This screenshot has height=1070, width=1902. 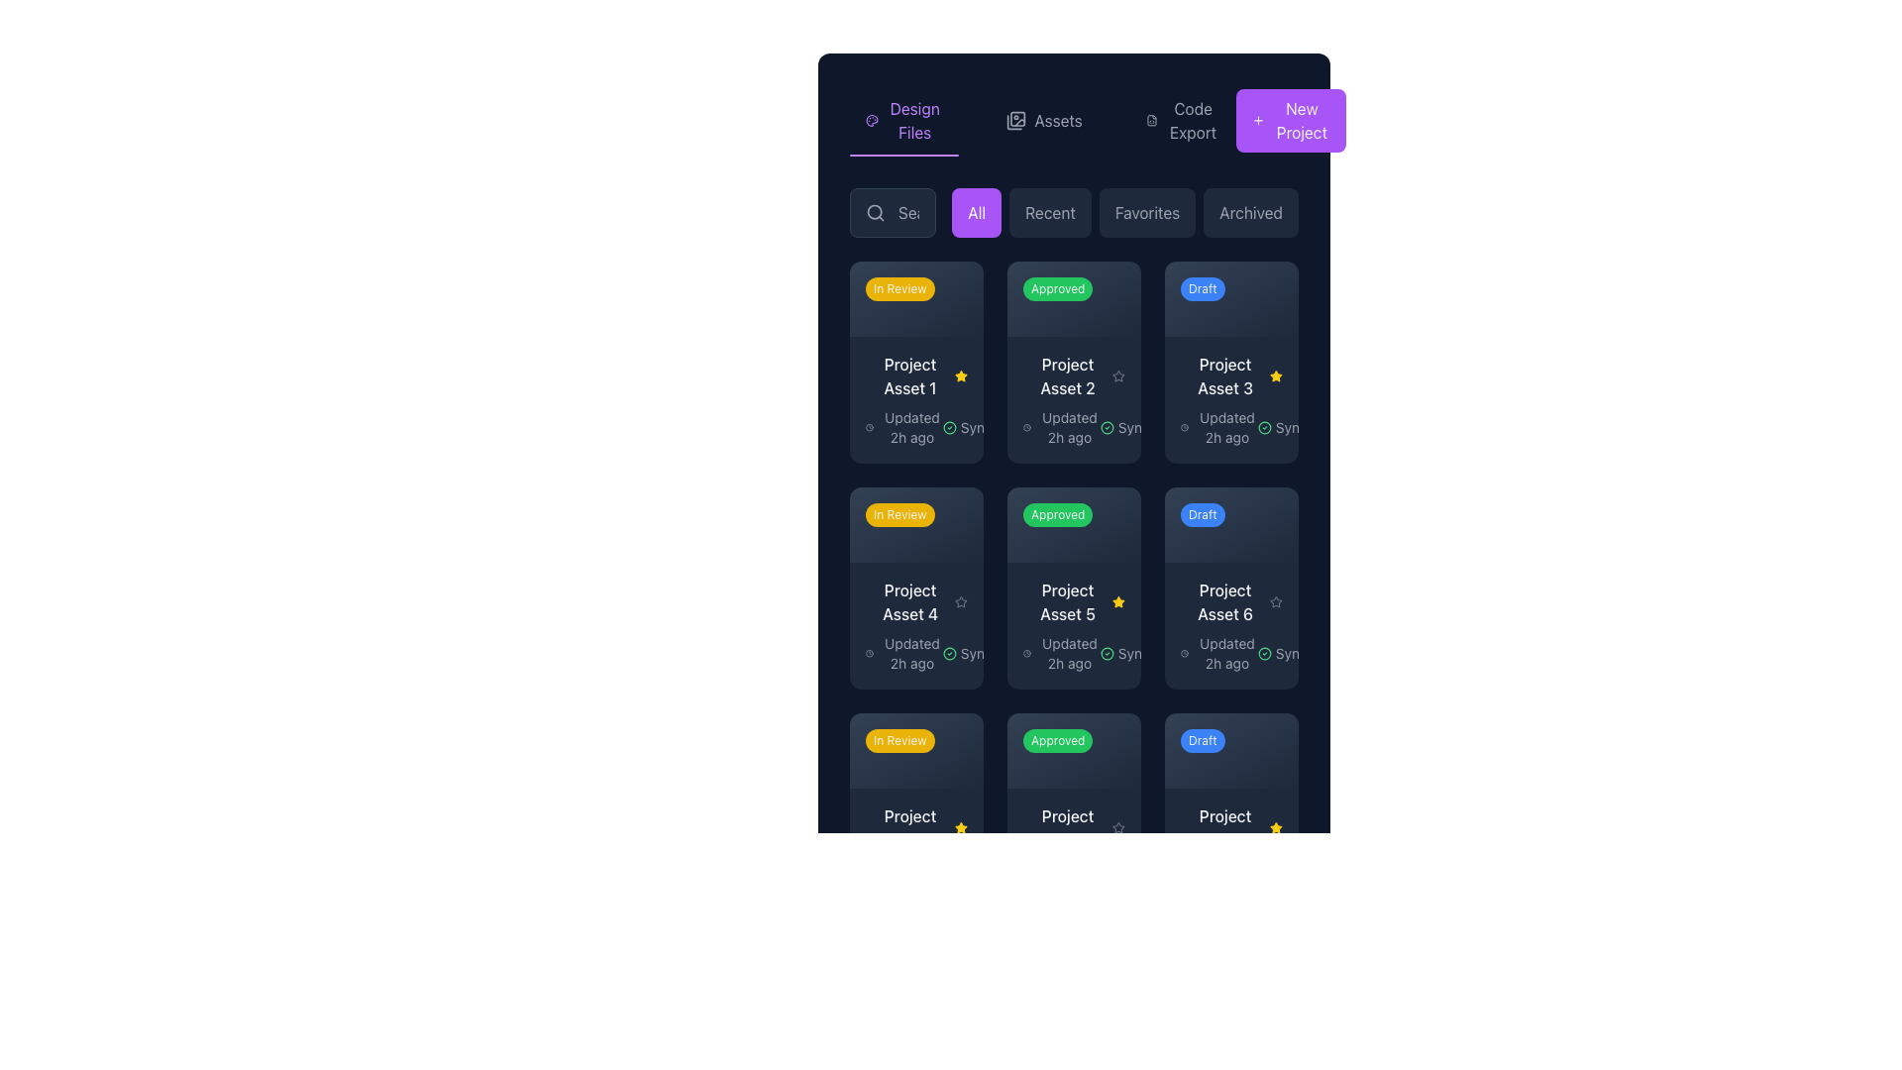 I want to click on the 'Create New Project' button located at the top-right corner of the interface, which is the last button in the navigation bar after 'Design Files', 'Assets', and 'Code Export', to initiate project creation, so click(x=1291, y=121).